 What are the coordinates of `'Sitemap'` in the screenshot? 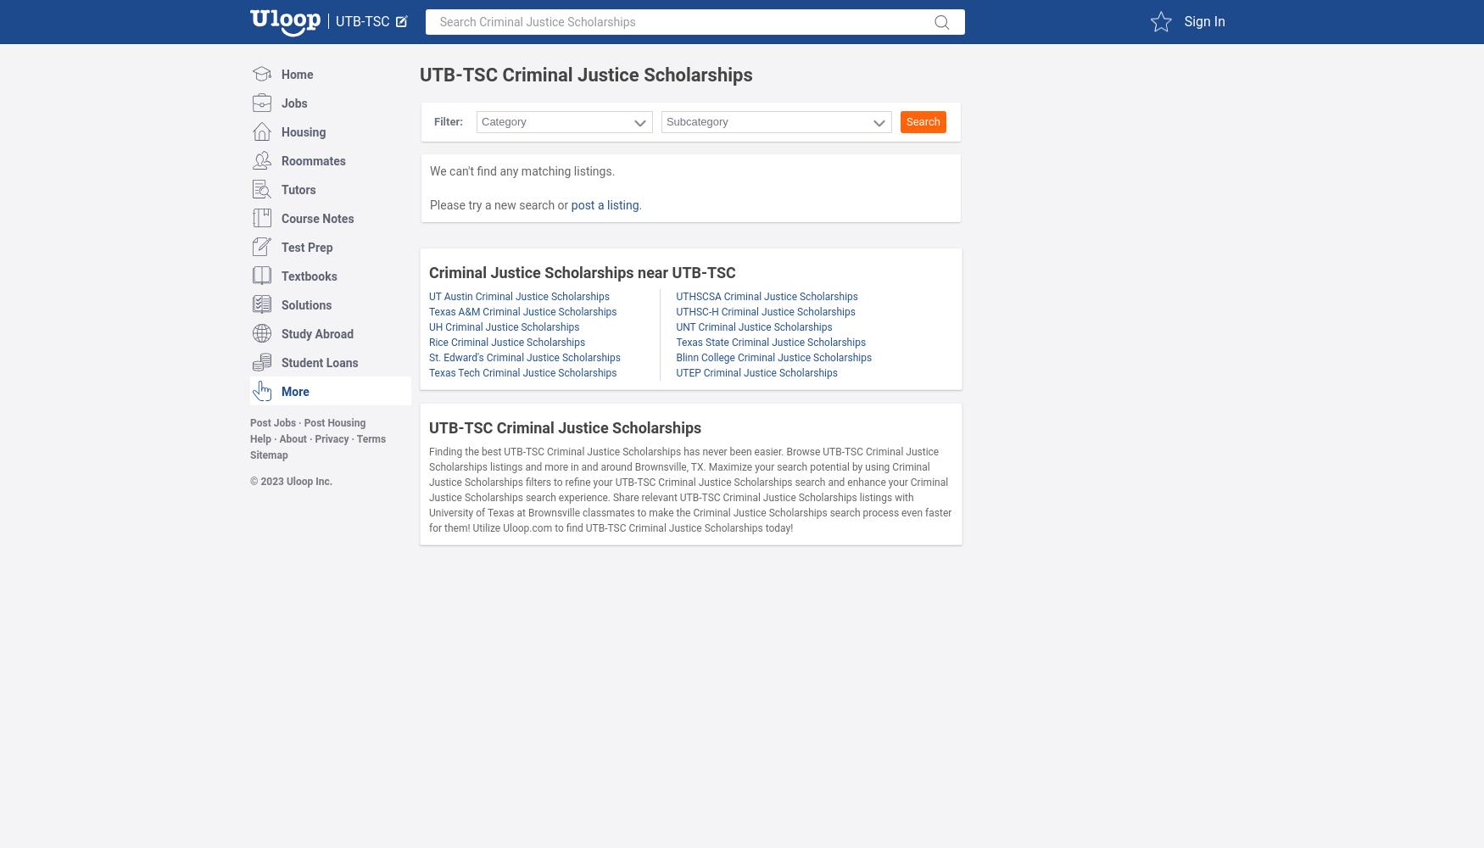 It's located at (268, 455).